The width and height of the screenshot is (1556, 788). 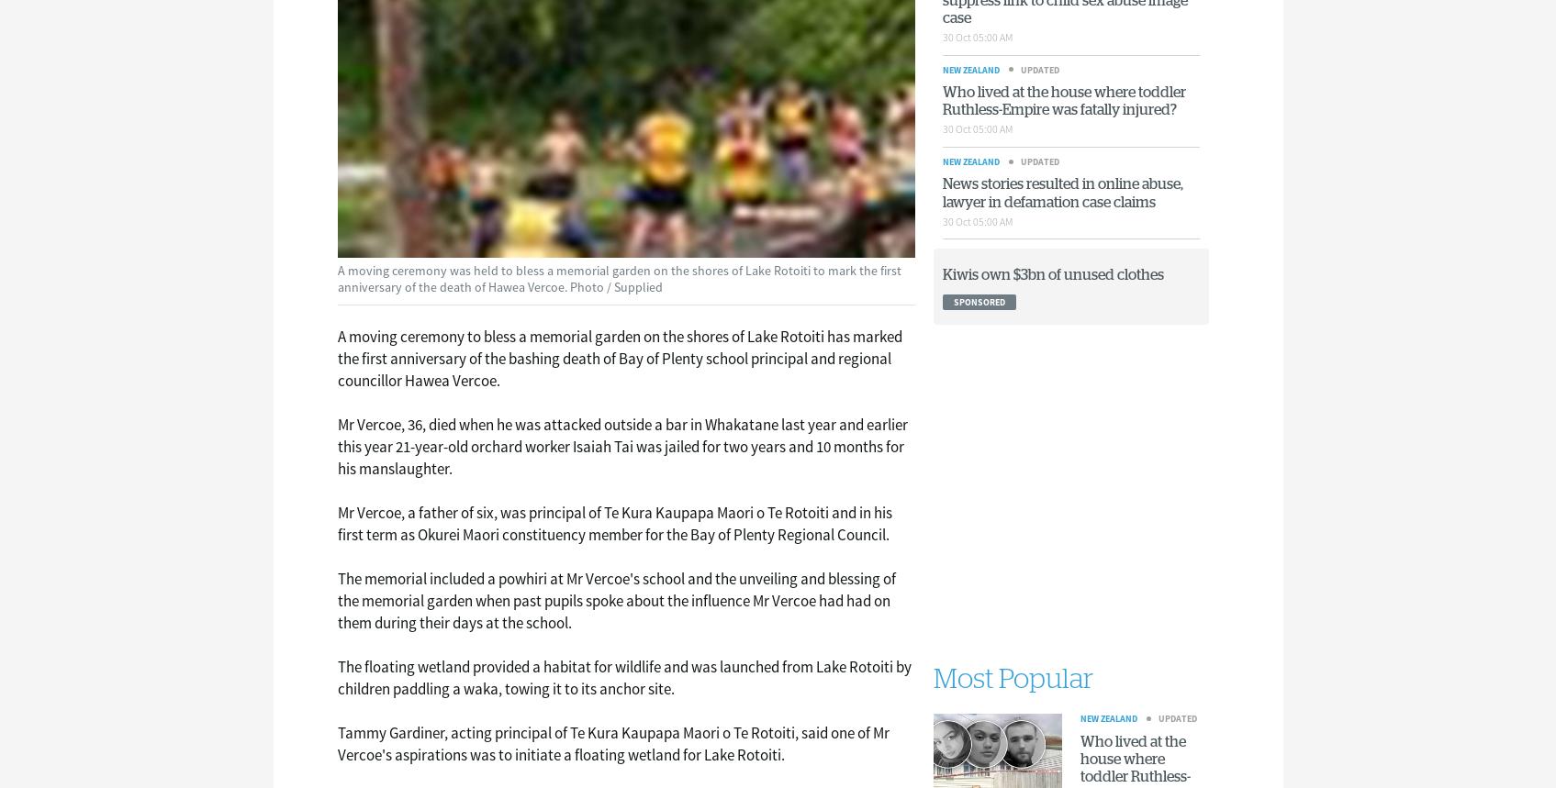 What do you see at coordinates (953, 301) in the screenshot?
I see `'sponsored'` at bounding box center [953, 301].